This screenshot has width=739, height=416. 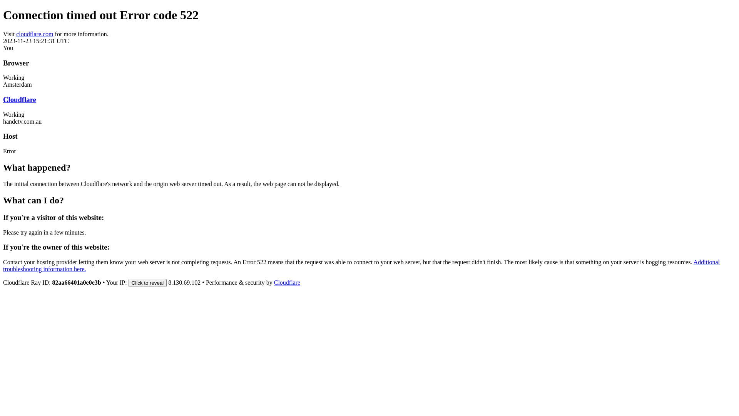 I want to click on 'cloudflare.com', so click(x=34, y=34).